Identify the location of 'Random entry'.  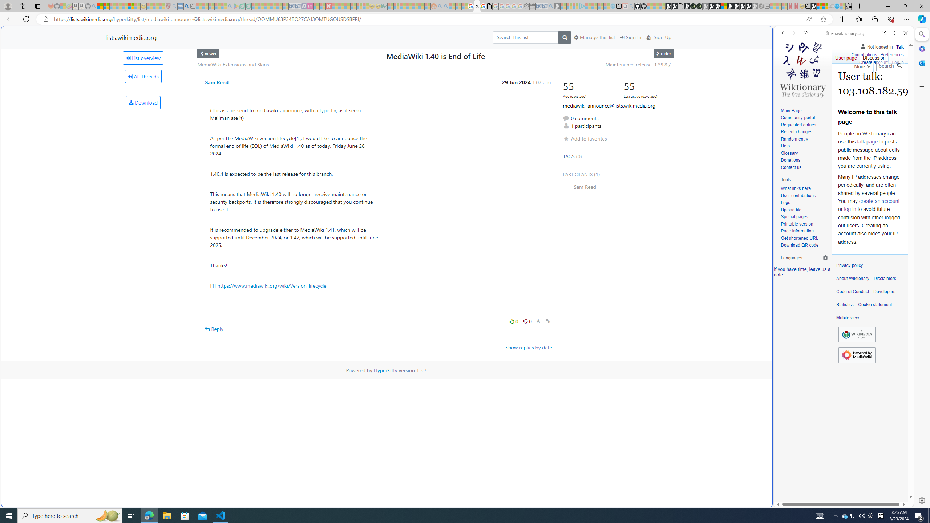
(794, 139).